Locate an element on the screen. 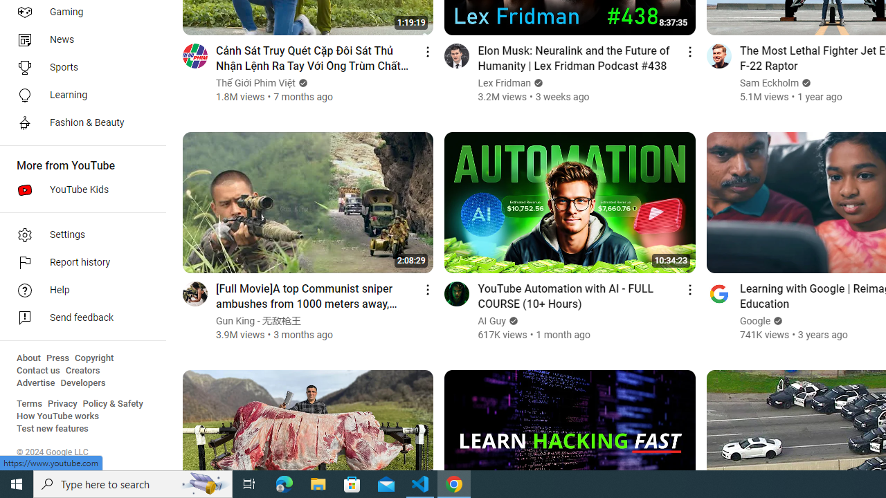 The image size is (886, 498). 'Sports' is located at coordinates (78, 67).